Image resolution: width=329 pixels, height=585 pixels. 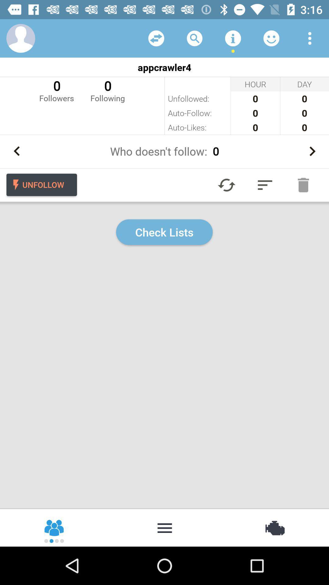 I want to click on go back, so click(x=16, y=151).